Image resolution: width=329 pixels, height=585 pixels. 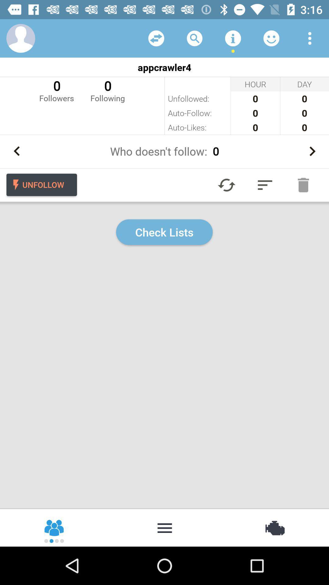 I want to click on go back, so click(x=16, y=151).